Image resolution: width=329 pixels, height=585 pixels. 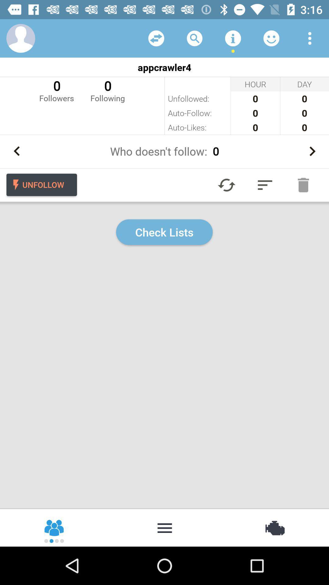 I want to click on go back, so click(x=16, y=151).